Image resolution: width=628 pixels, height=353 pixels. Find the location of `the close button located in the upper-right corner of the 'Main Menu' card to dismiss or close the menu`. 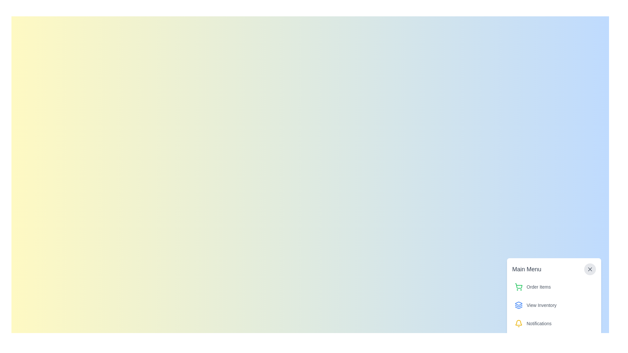

the close button located in the upper-right corner of the 'Main Menu' card to dismiss or close the menu is located at coordinates (590, 269).